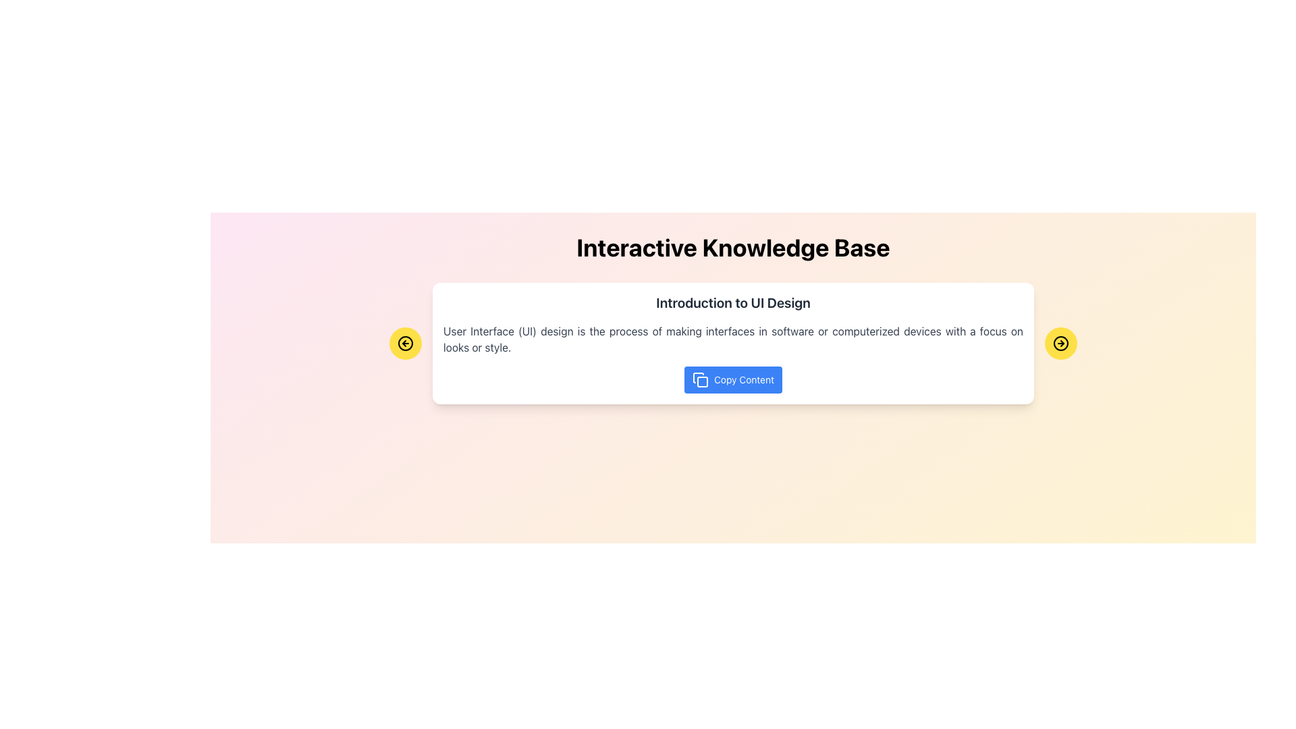 The height and width of the screenshot is (729, 1296). What do you see at coordinates (1060, 343) in the screenshot?
I see `the circular button with a vibrant yellow background and black outline, located at the bottom-right corner of the content card` at bounding box center [1060, 343].